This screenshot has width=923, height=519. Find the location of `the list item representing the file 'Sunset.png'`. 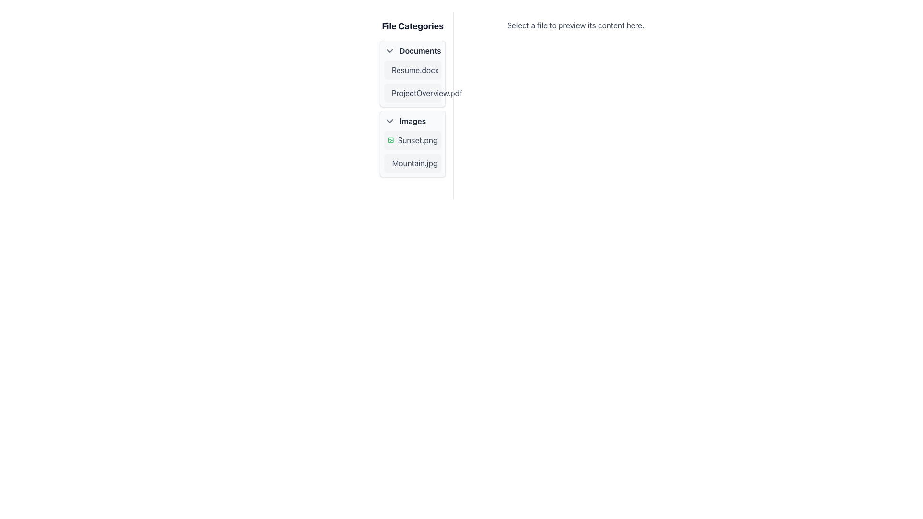

the list item representing the file 'Sunset.png' is located at coordinates (412, 144).